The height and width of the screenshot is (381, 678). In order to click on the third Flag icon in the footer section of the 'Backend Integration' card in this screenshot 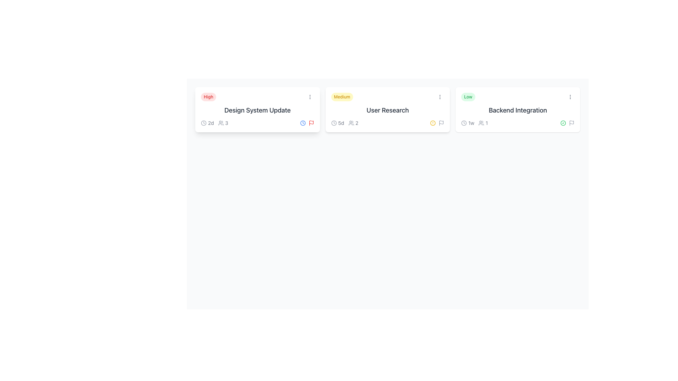, I will do `click(571, 122)`.